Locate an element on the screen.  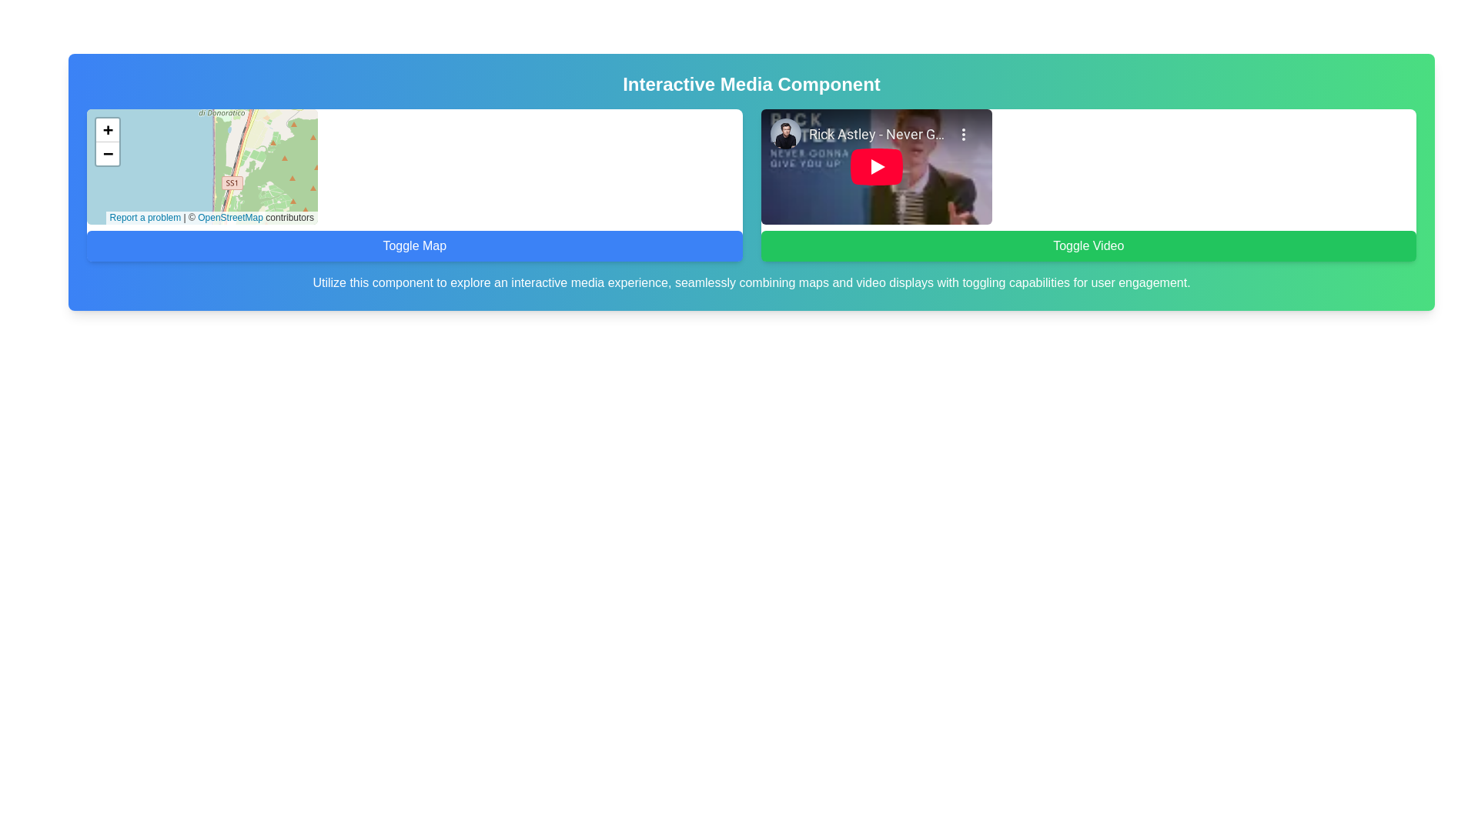
the playhead in the Embedded Video Player featuring 'Rick Astley - Never Gonna Give You Up' is located at coordinates (876, 166).